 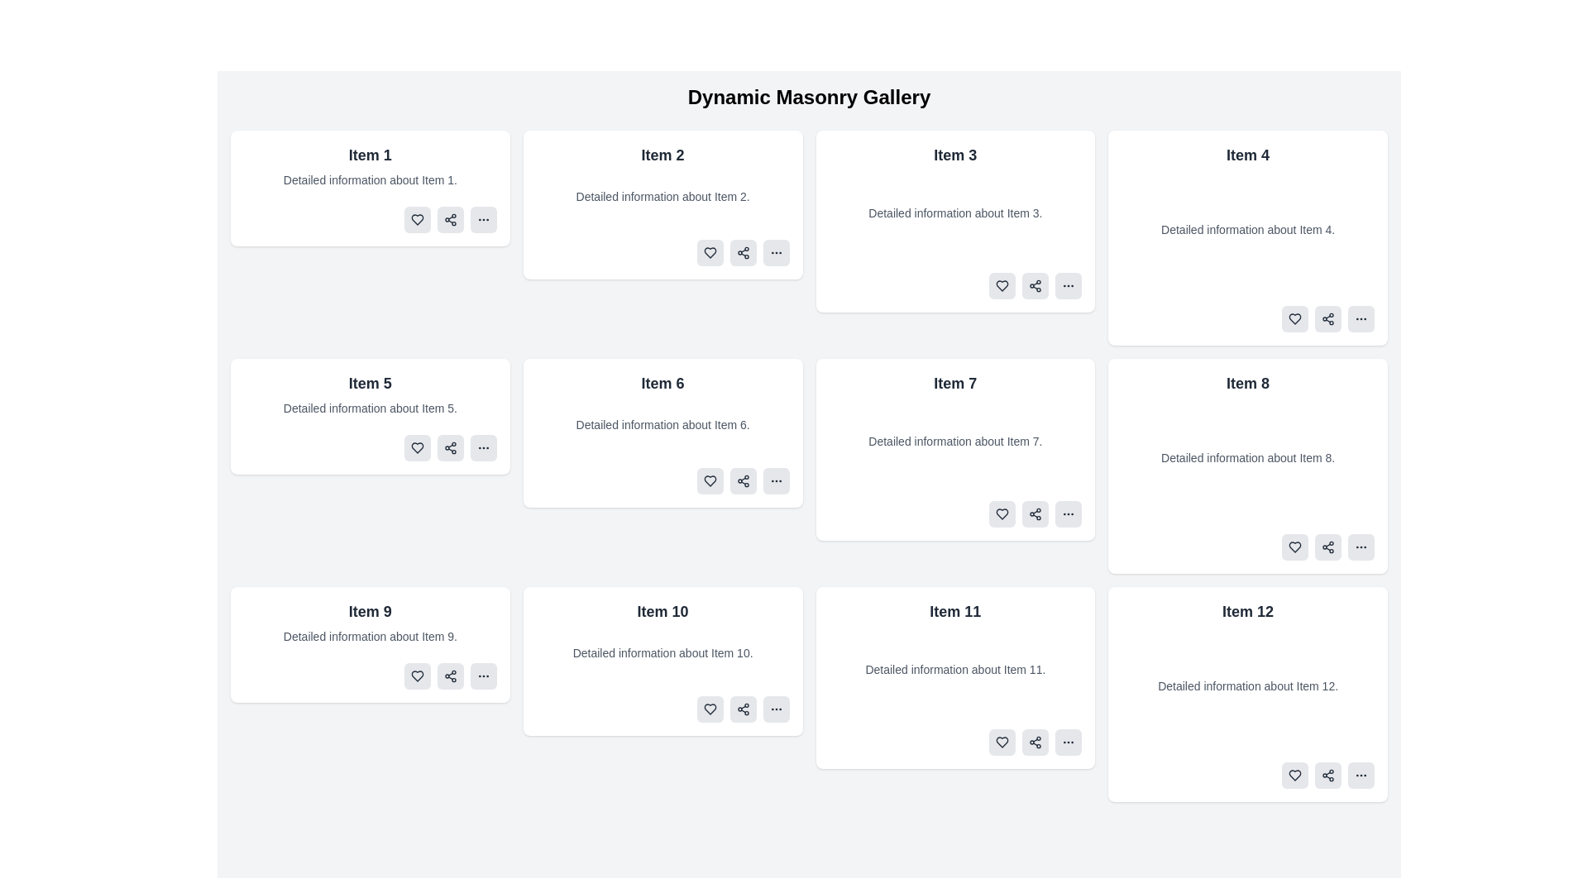 What do you see at coordinates (450, 676) in the screenshot?
I see `the Share icon located in the action section of the card labeled 'Item 9', positioned next to the heart icon and before the ellipsis icon` at bounding box center [450, 676].